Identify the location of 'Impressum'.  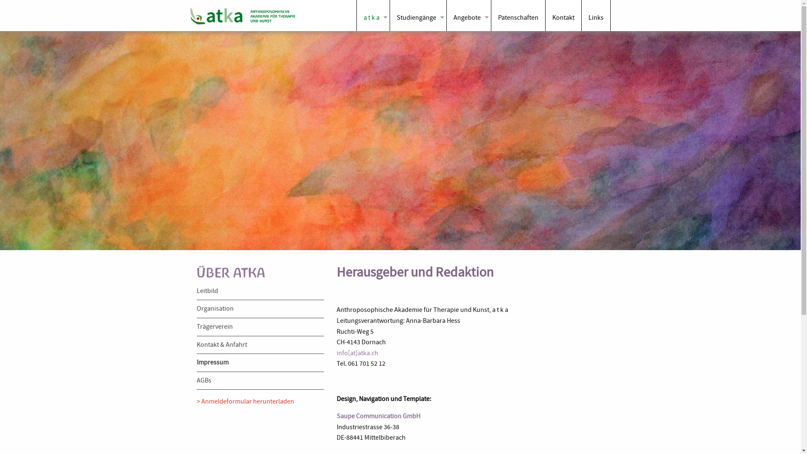
(212, 362).